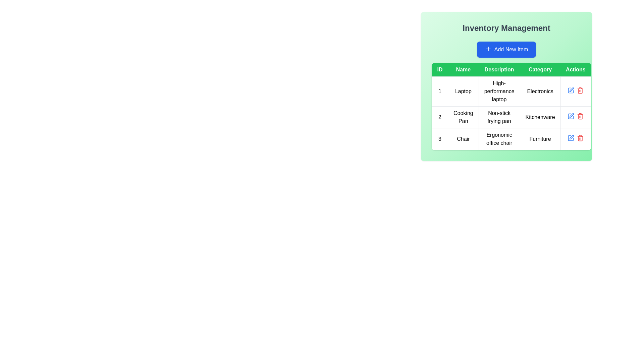 The width and height of the screenshot is (644, 362). I want to click on the 'Name' column header in the table, which is the second column header located between the 'ID' and 'Description' headers, so click(463, 70).